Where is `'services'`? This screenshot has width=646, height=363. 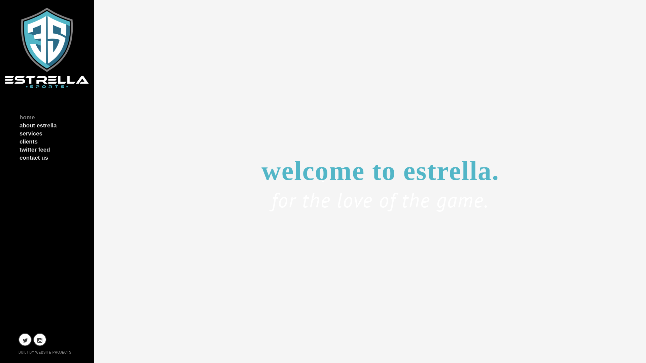
'services' is located at coordinates (47, 135).